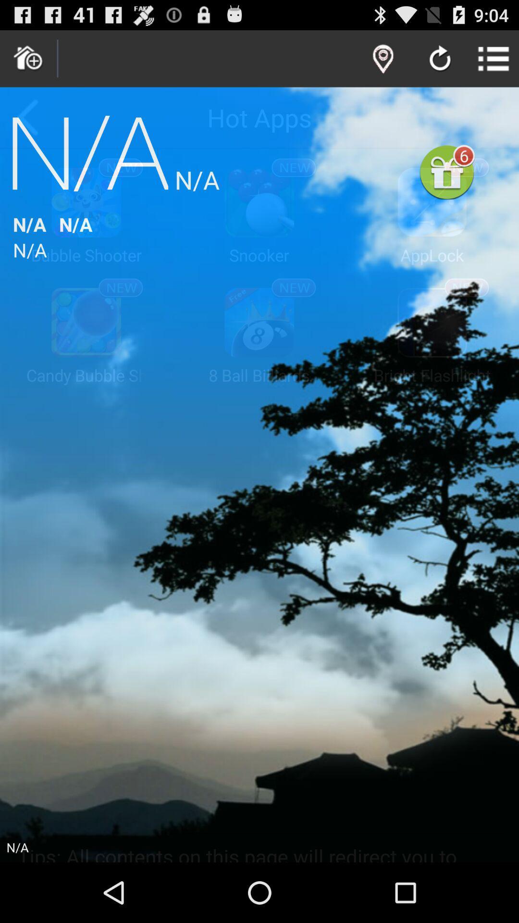 The image size is (519, 923). I want to click on location, so click(383, 58).